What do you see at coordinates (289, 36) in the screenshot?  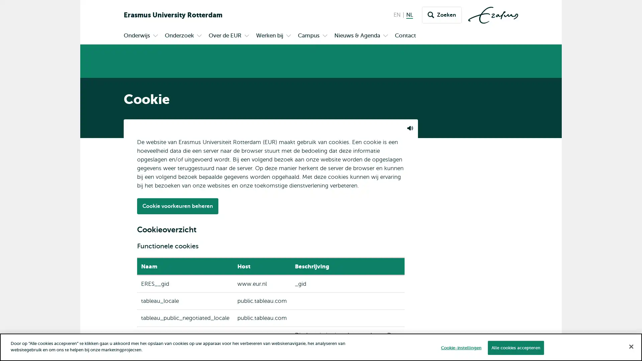 I see `Open submenu` at bounding box center [289, 36].